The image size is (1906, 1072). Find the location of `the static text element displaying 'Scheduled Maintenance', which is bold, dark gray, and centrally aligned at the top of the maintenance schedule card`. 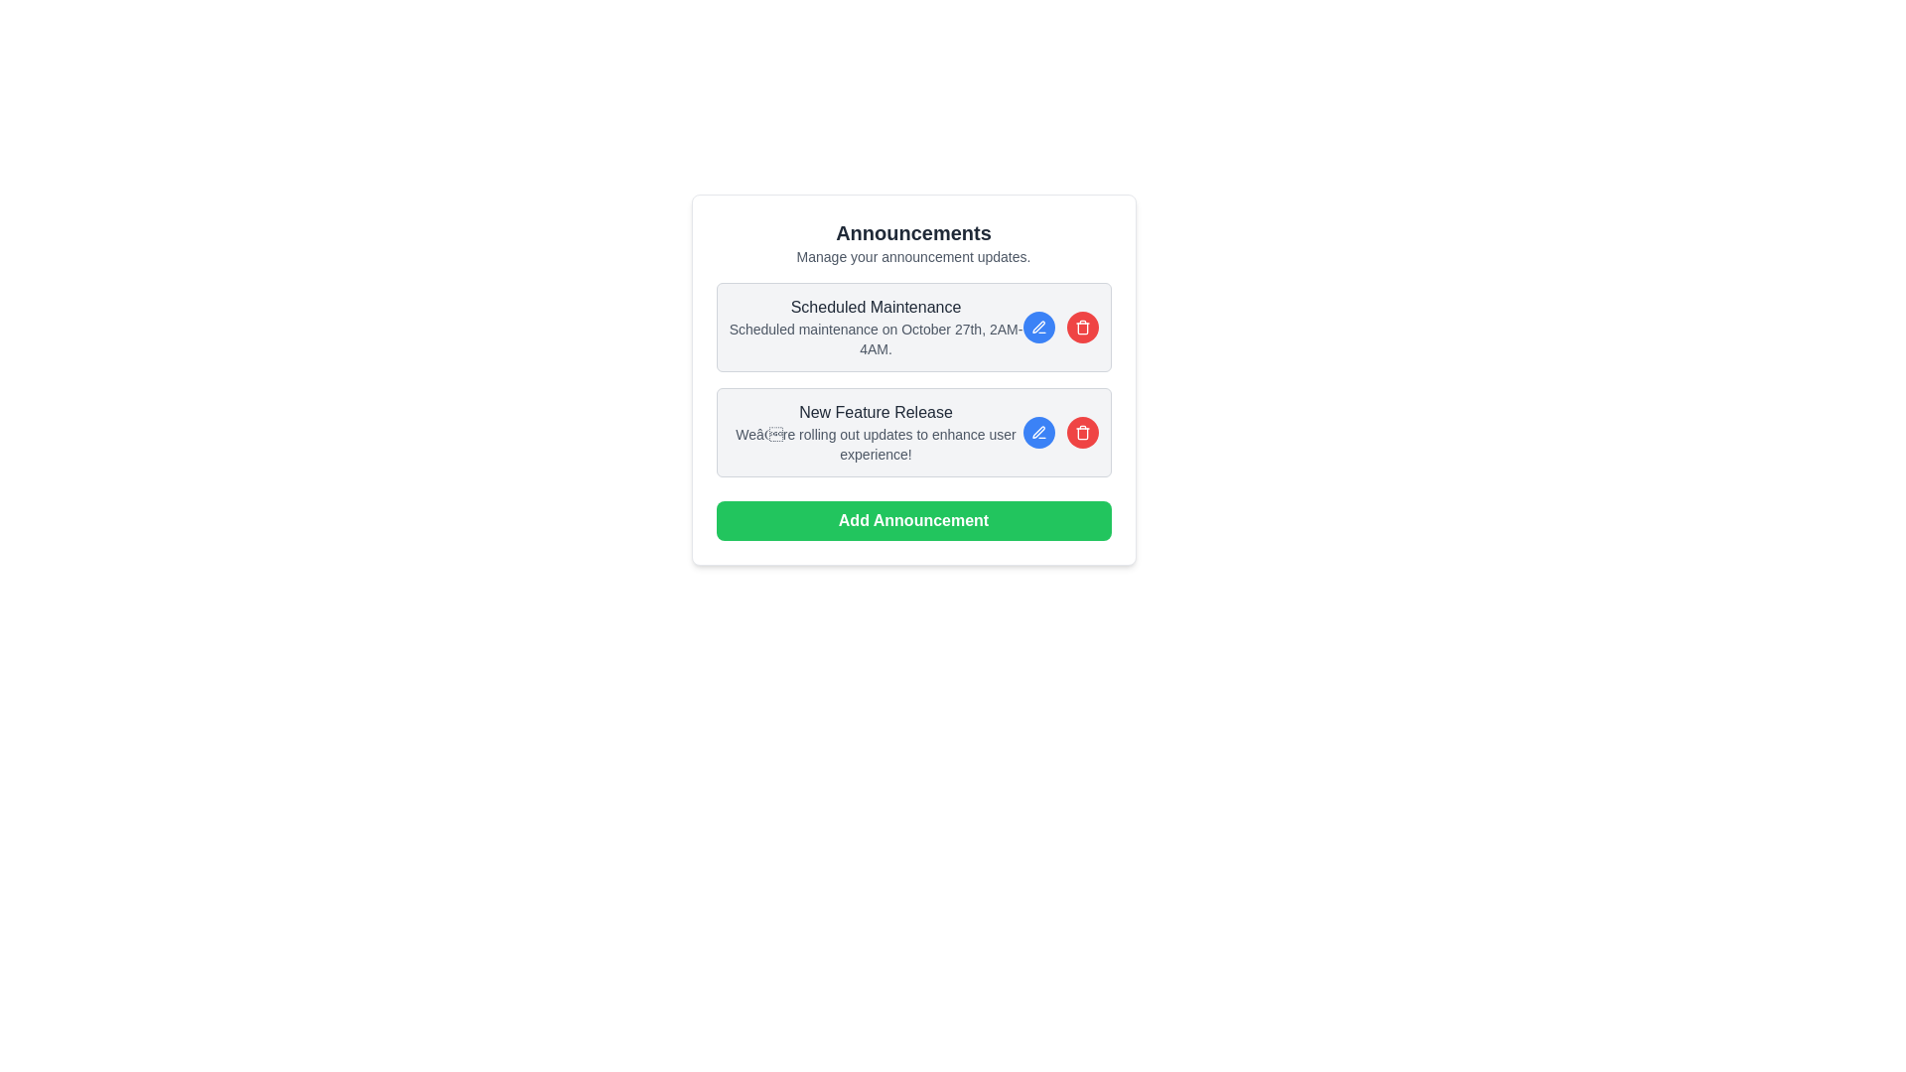

the static text element displaying 'Scheduled Maintenance', which is bold, dark gray, and centrally aligned at the top of the maintenance schedule card is located at coordinates (875, 307).